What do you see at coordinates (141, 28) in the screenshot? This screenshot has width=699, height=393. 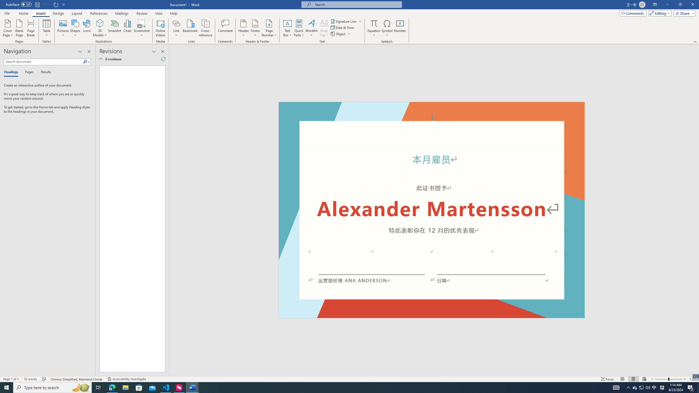 I see `'Screenshot'` at bounding box center [141, 28].